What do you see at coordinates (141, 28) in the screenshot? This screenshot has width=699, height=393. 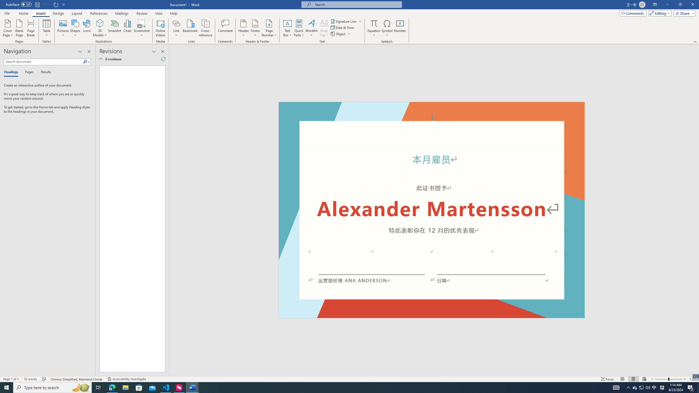 I see `'Screenshot'` at bounding box center [141, 28].